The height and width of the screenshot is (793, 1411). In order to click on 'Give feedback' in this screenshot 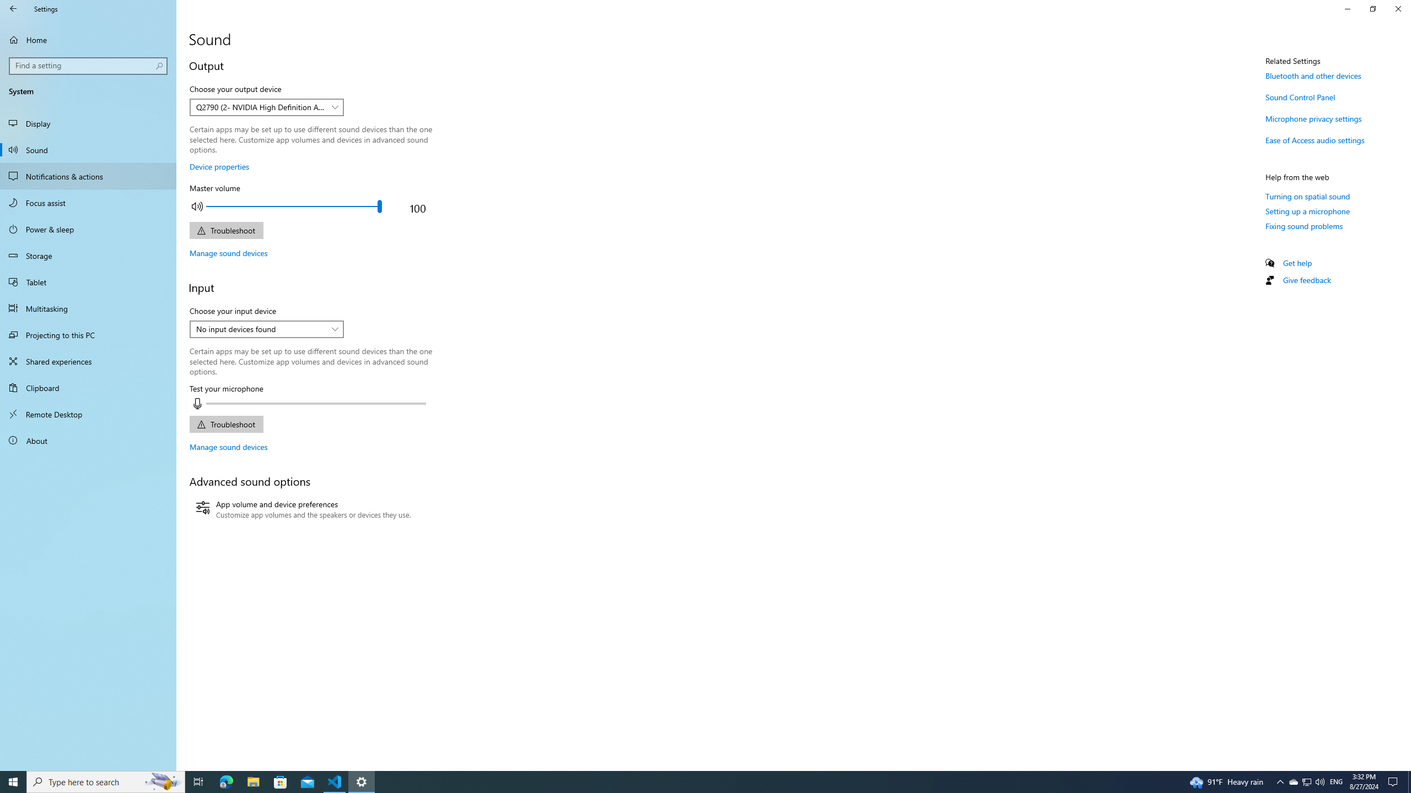, I will do `click(1306, 280)`.